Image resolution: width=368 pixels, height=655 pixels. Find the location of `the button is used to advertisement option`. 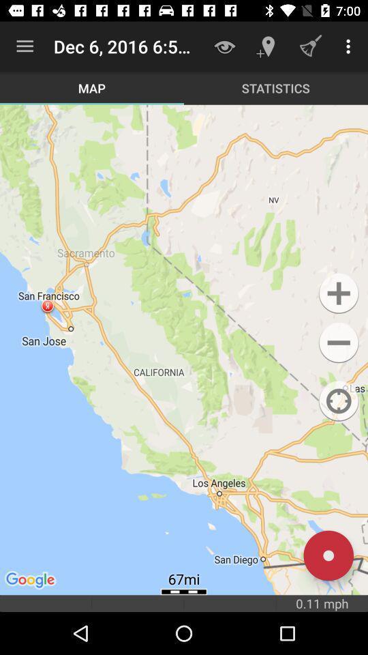

the button is used to advertisement option is located at coordinates (338, 293).